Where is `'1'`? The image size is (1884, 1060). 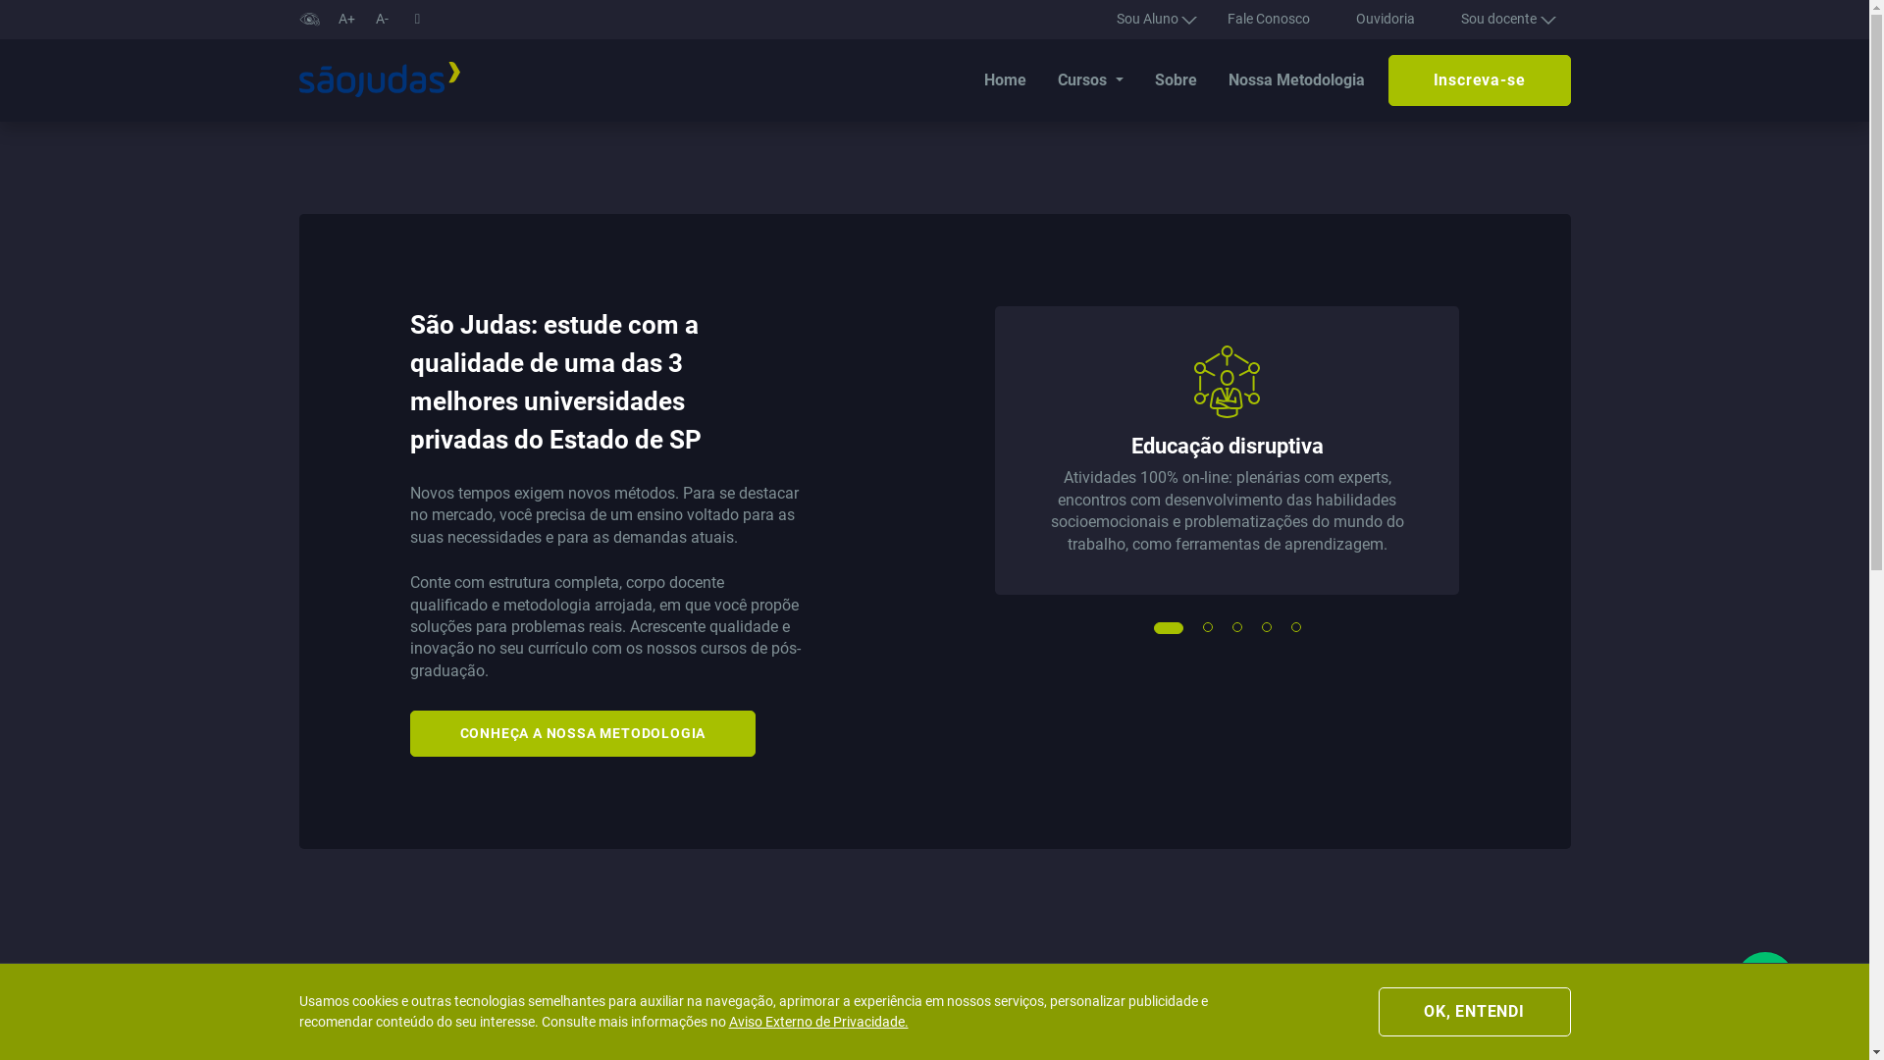
'1' is located at coordinates (1159, 628).